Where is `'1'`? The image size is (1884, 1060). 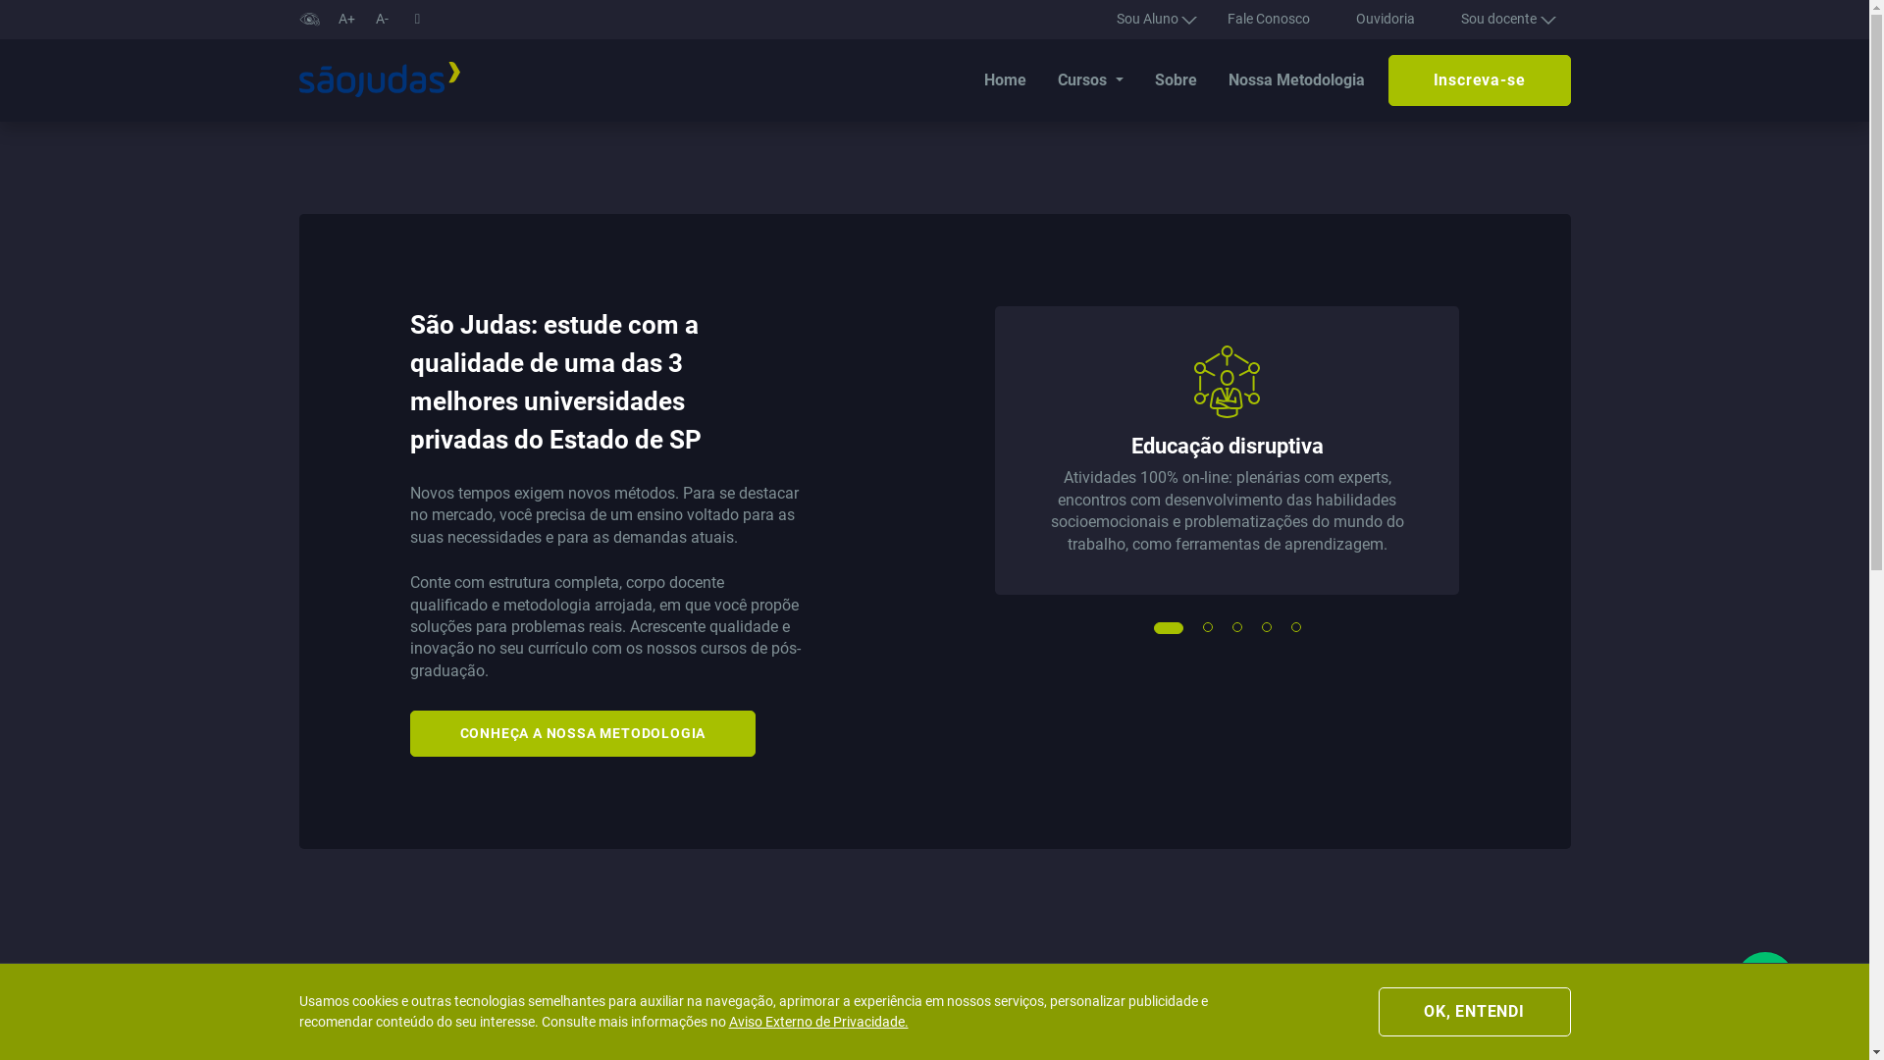
'1' is located at coordinates (1159, 628).